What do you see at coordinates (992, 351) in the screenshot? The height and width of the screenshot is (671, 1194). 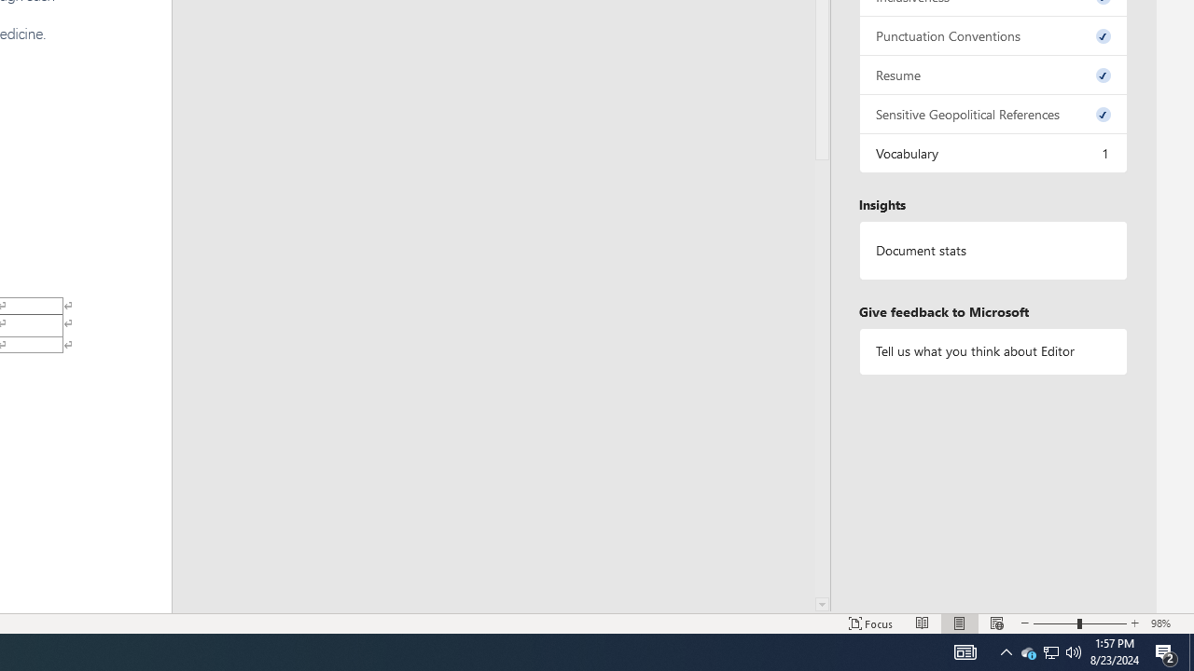 I see `'Tell us what you think about Editor'` at bounding box center [992, 351].